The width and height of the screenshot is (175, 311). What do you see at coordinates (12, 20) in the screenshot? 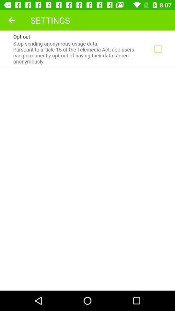
I see `the icon to the left of the settings item` at bounding box center [12, 20].